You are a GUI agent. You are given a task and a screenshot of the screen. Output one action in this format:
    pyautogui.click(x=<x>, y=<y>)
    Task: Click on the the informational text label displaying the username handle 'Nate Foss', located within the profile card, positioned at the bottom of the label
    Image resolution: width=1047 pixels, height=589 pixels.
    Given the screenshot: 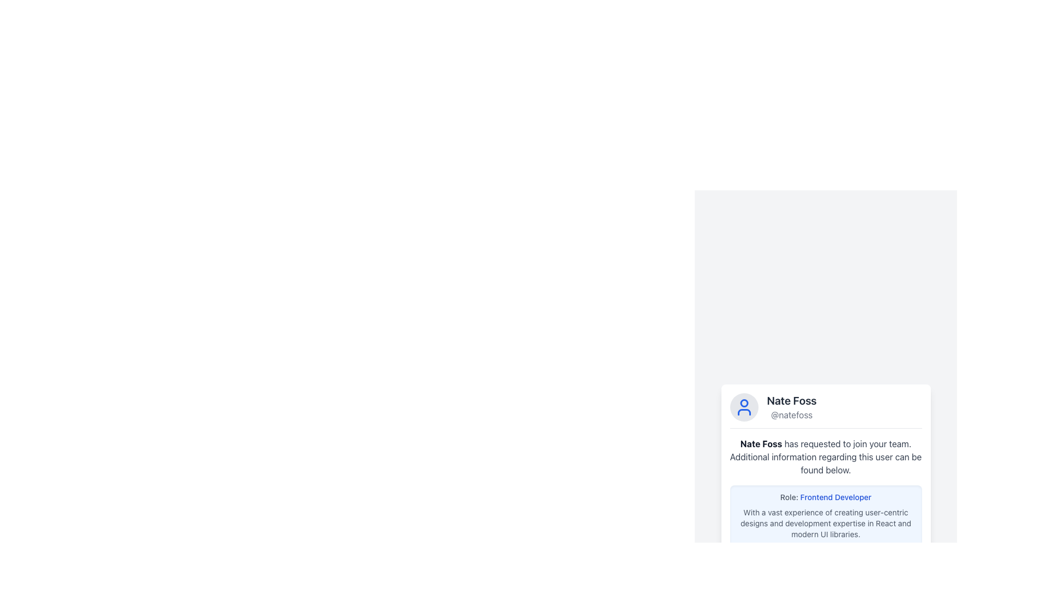 What is the action you would take?
    pyautogui.click(x=792, y=414)
    